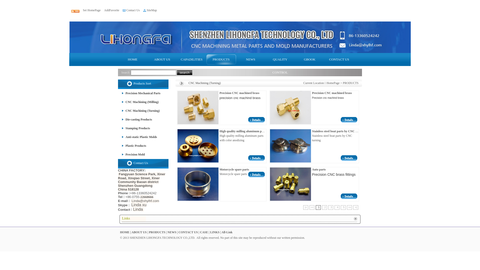  Describe the element at coordinates (184, 72) in the screenshot. I see `' search '` at that location.